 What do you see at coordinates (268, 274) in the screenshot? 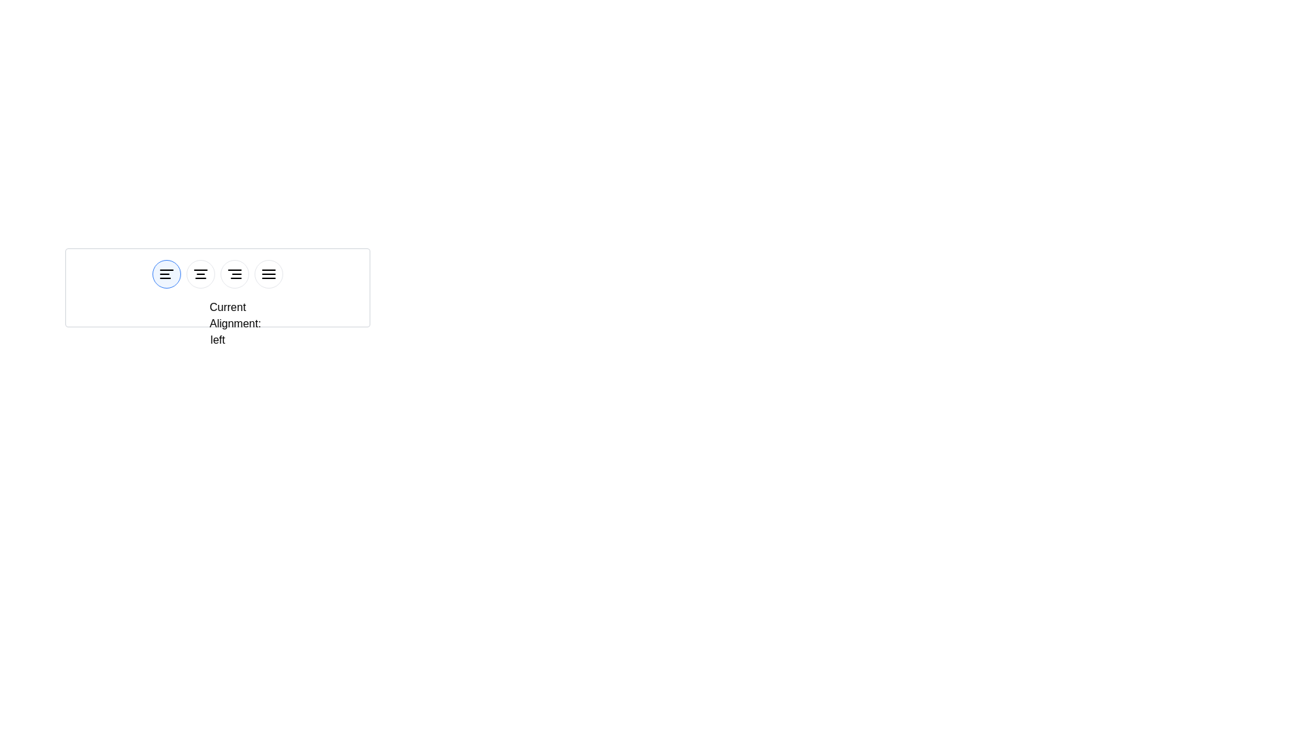
I see `the button corresponding to justify alignment` at bounding box center [268, 274].